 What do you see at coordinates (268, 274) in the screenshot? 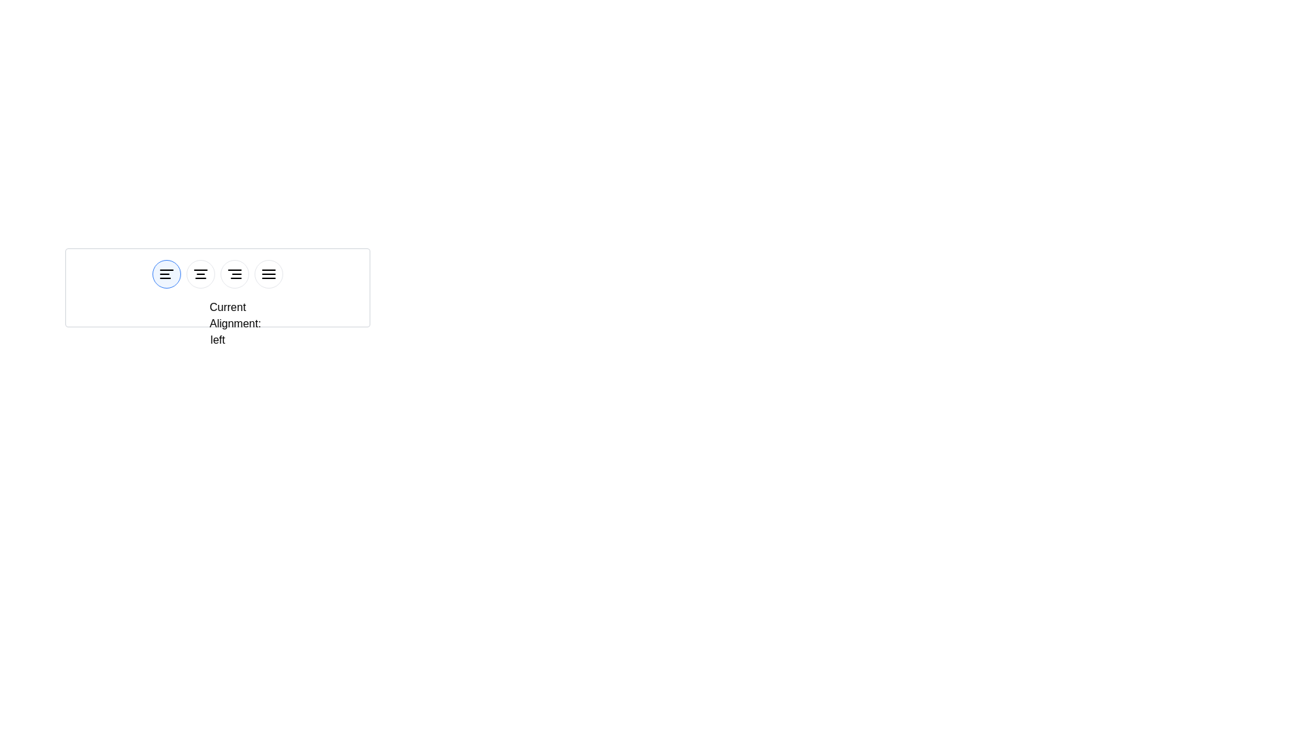
I see `the button corresponding to justify alignment` at bounding box center [268, 274].